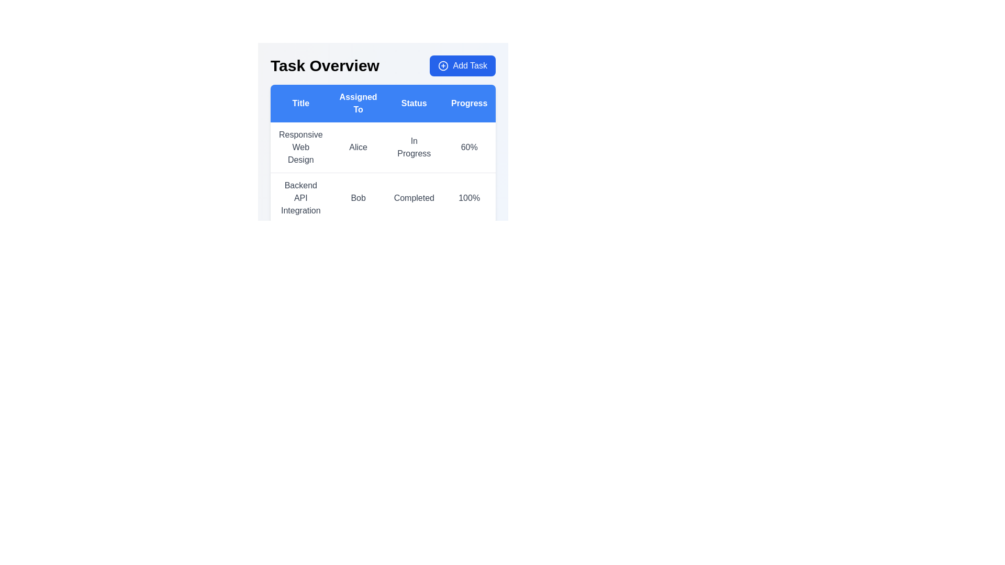  What do you see at coordinates (300, 198) in the screenshot?
I see `the text label containing 'Backend API Integration', which is styled with medium font weight and positioned under the 'Title' header in the task management table` at bounding box center [300, 198].